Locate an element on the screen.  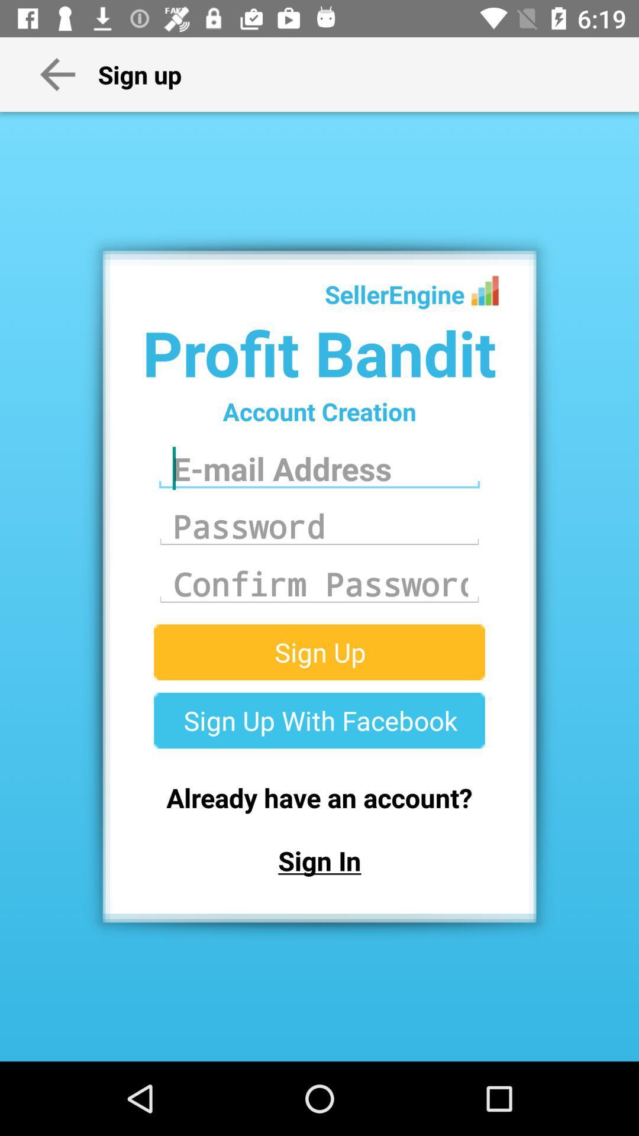
the sign in icon is located at coordinates (319, 860).